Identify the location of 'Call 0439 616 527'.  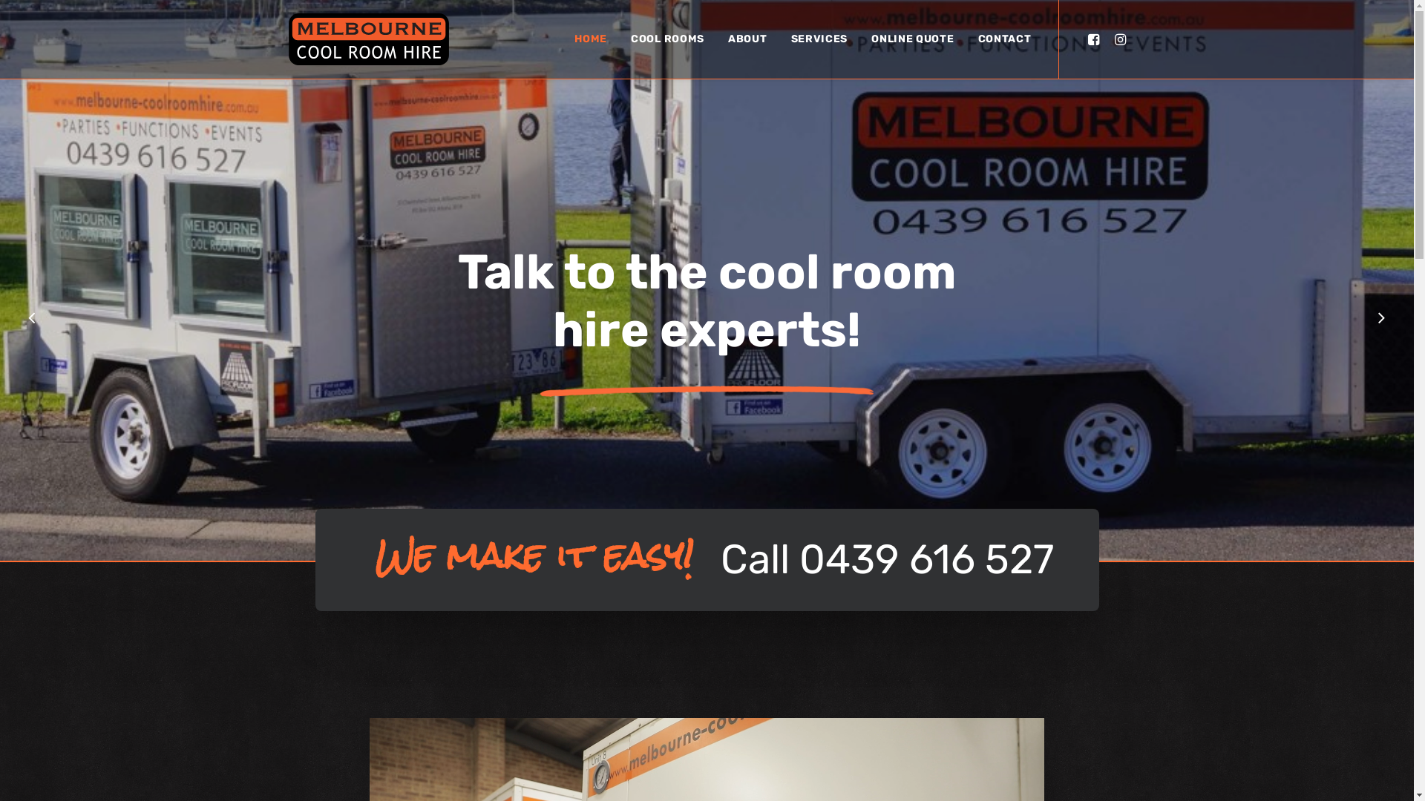
(886, 559).